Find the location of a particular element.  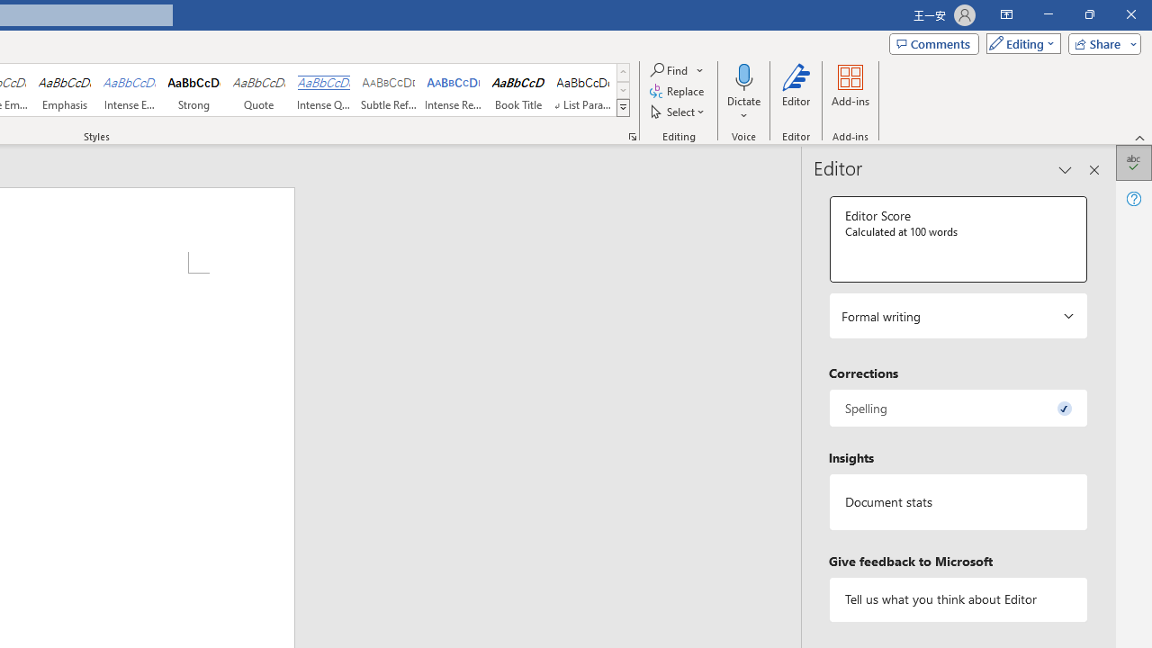

'Intense Quote' is located at coordinates (323, 90).